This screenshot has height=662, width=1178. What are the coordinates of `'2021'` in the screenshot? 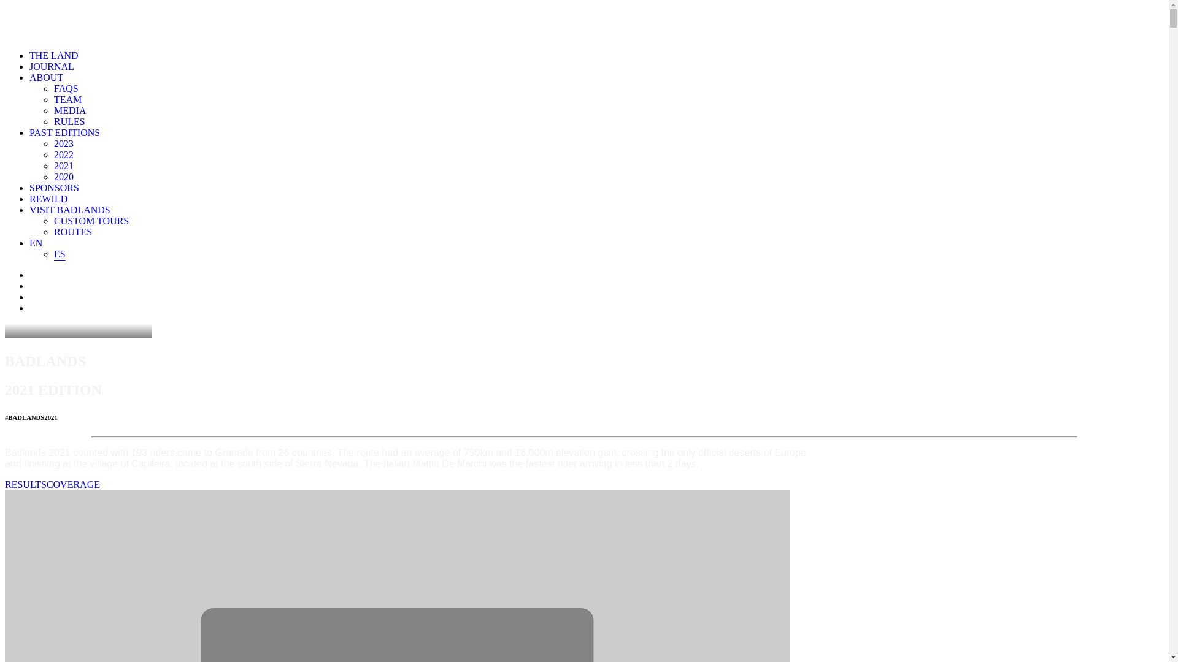 It's located at (63, 165).